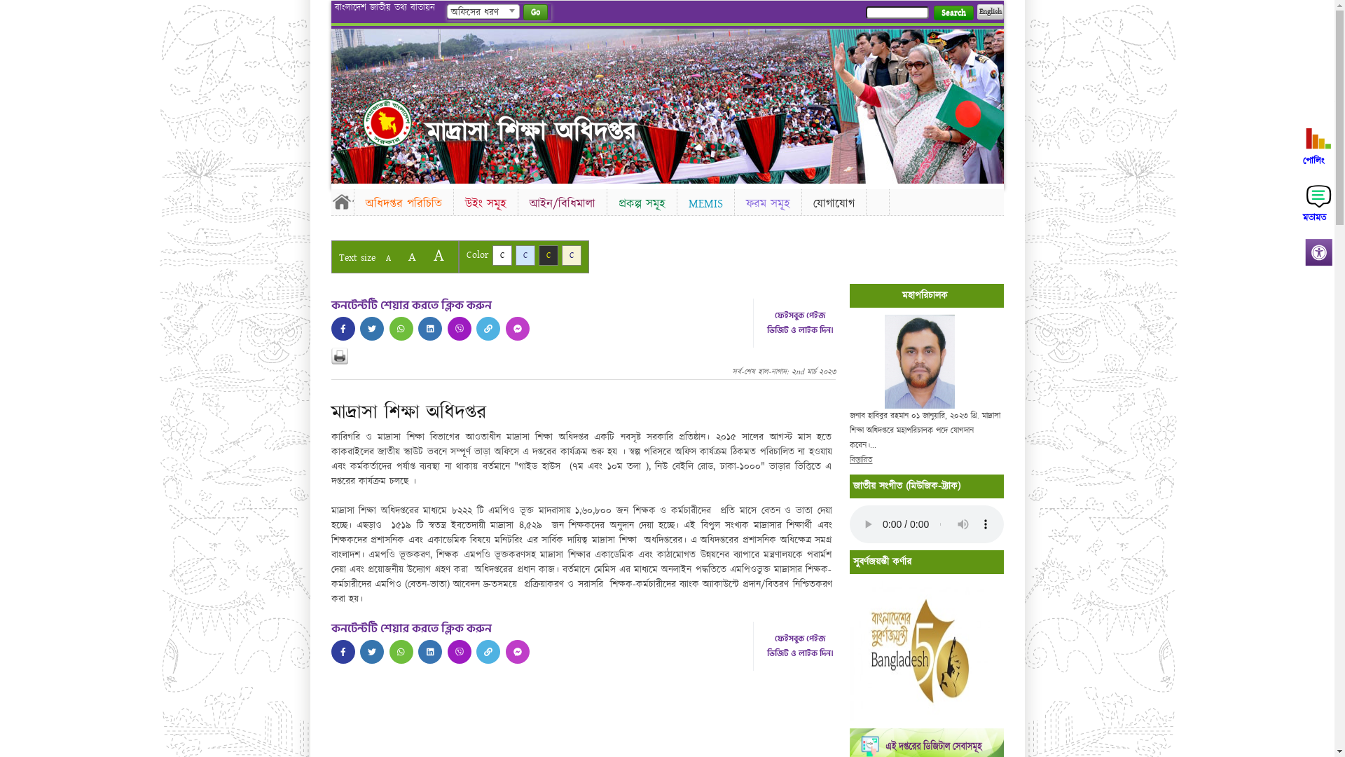 The height and width of the screenshot is (757, 1345). I want to click on ', so click(429, 329).